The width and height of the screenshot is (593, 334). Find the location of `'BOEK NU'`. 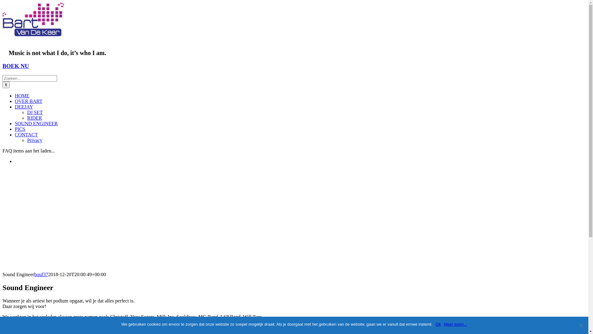

'BOEK NU' is located at coordinates (2, 66).